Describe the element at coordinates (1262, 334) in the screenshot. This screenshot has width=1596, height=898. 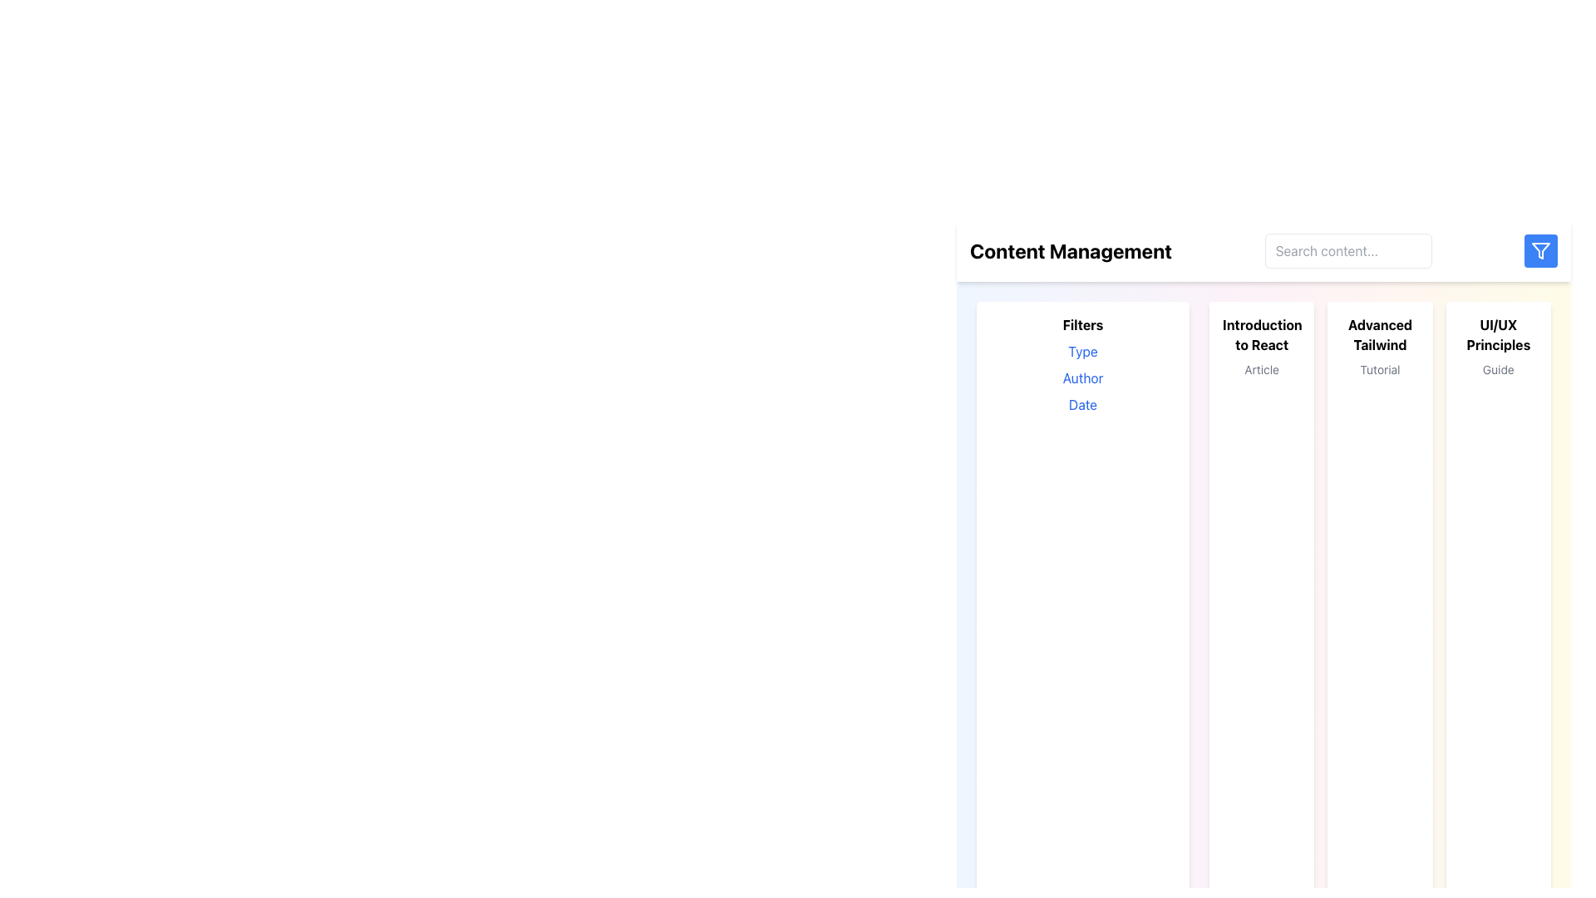
I see `bold textual header displaying 'Introduction to React' located within a white card-like region under the 'Content Management' header` at that location.